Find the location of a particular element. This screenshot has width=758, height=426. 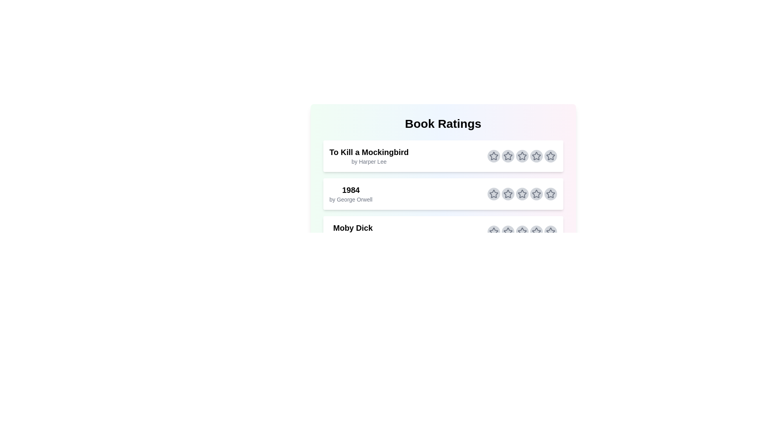

the star corresponding to 1 stars for the book titled To Kill a Mockingbird is located at coordinates (493, 156).